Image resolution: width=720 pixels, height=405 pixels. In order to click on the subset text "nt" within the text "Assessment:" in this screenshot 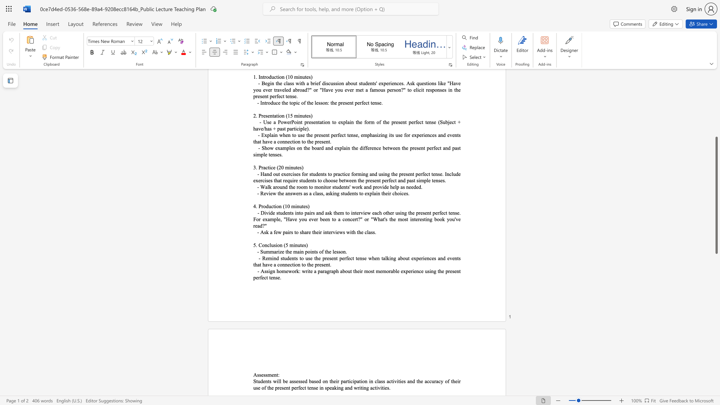, I will do `click(273, 375)`.